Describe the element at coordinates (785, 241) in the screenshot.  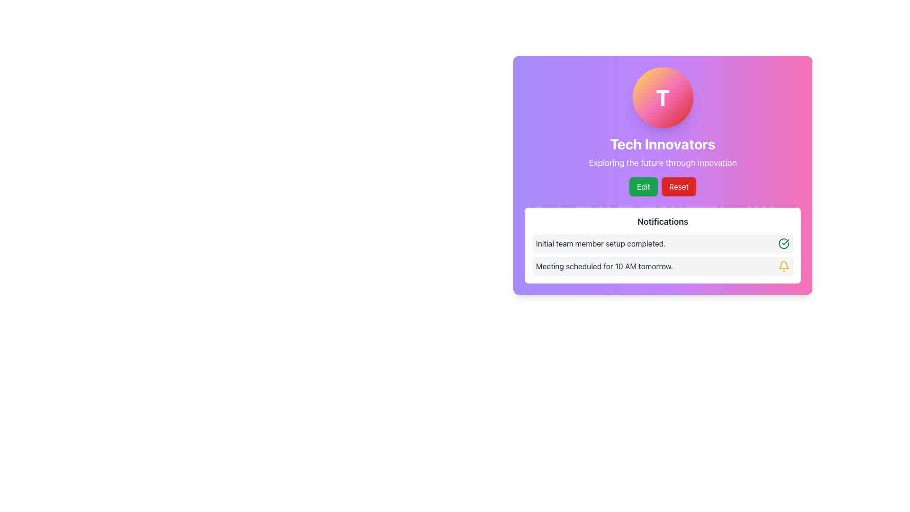
I see `the green SVG checkmark icon indicating successful action, positioned next to the 'Initial team member setup completed.' notification message` at that location.